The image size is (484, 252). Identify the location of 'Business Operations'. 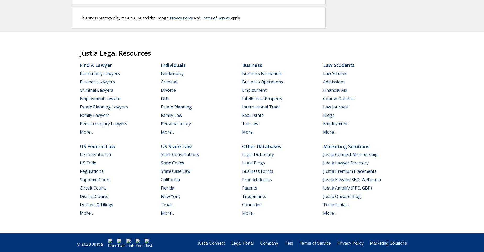
(262, 82).